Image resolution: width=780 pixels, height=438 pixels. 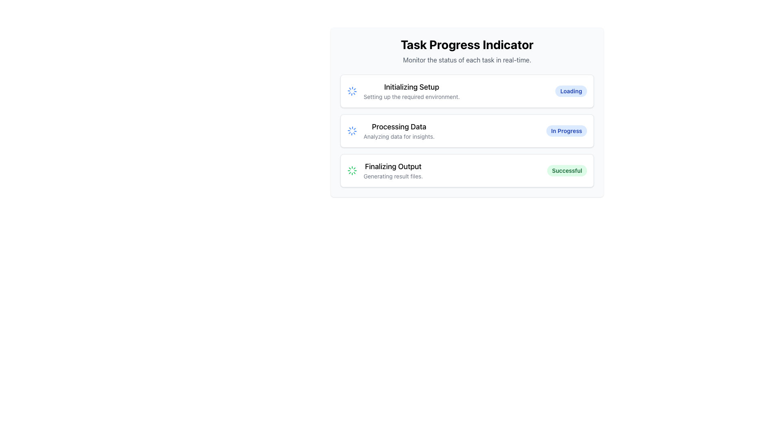 What do you see at coordinates (403, 91) in the screenshot?
I see `the Status indicator at the top of the list` at bounding box center [403, 91].